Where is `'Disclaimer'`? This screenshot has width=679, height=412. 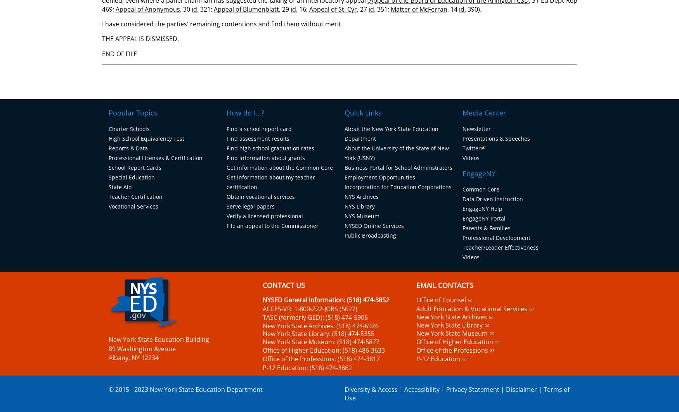
'Disclaimer' is located at coordinates (505, 389).